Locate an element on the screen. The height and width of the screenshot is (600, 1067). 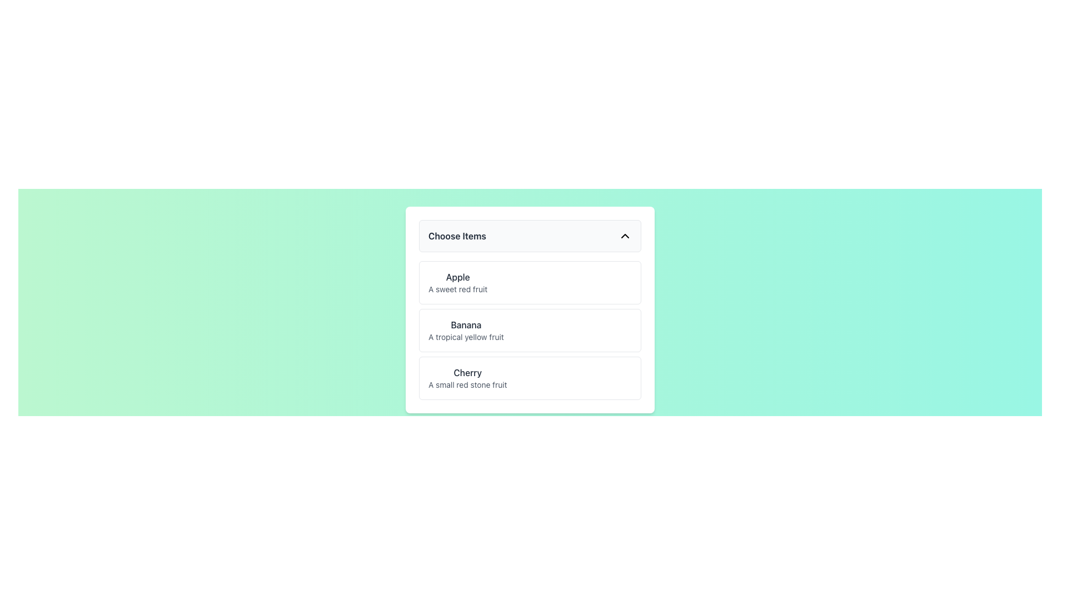
the 'Cherry' text display element, which is the third item in a vertical stack that includes 'Apple' and 'Banana' is located at coordinates (467, 378).